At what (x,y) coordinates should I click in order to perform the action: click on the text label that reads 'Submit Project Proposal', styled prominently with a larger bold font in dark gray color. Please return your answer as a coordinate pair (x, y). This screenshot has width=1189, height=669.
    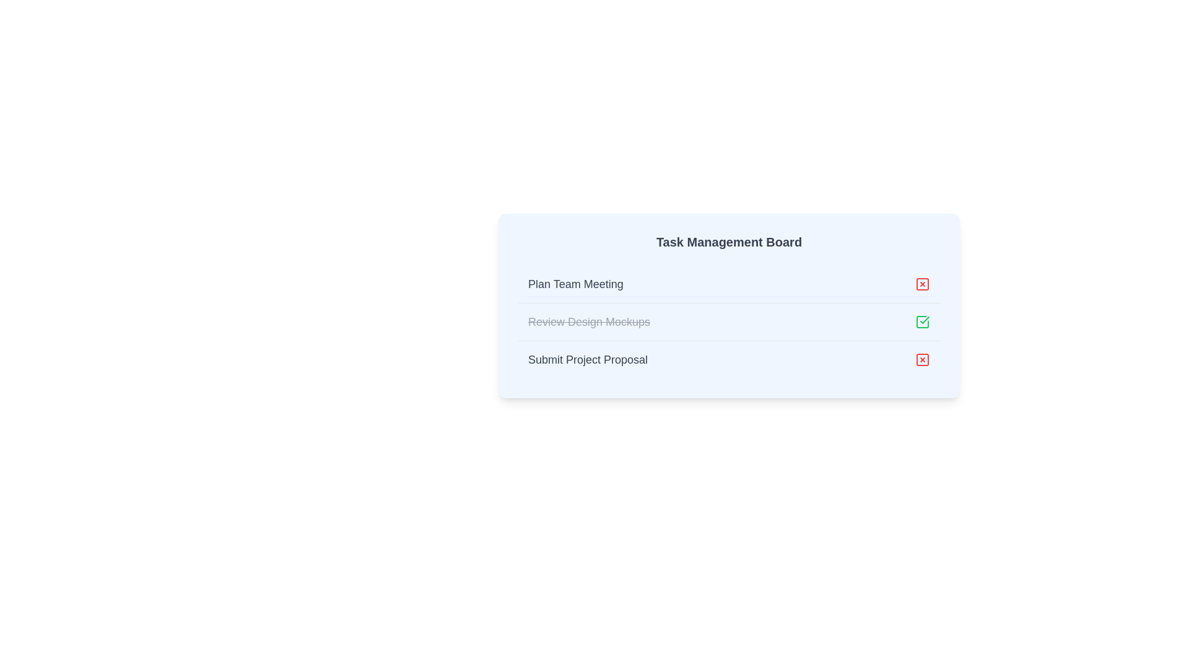
    Looking at the image, I should click on (587, 360).